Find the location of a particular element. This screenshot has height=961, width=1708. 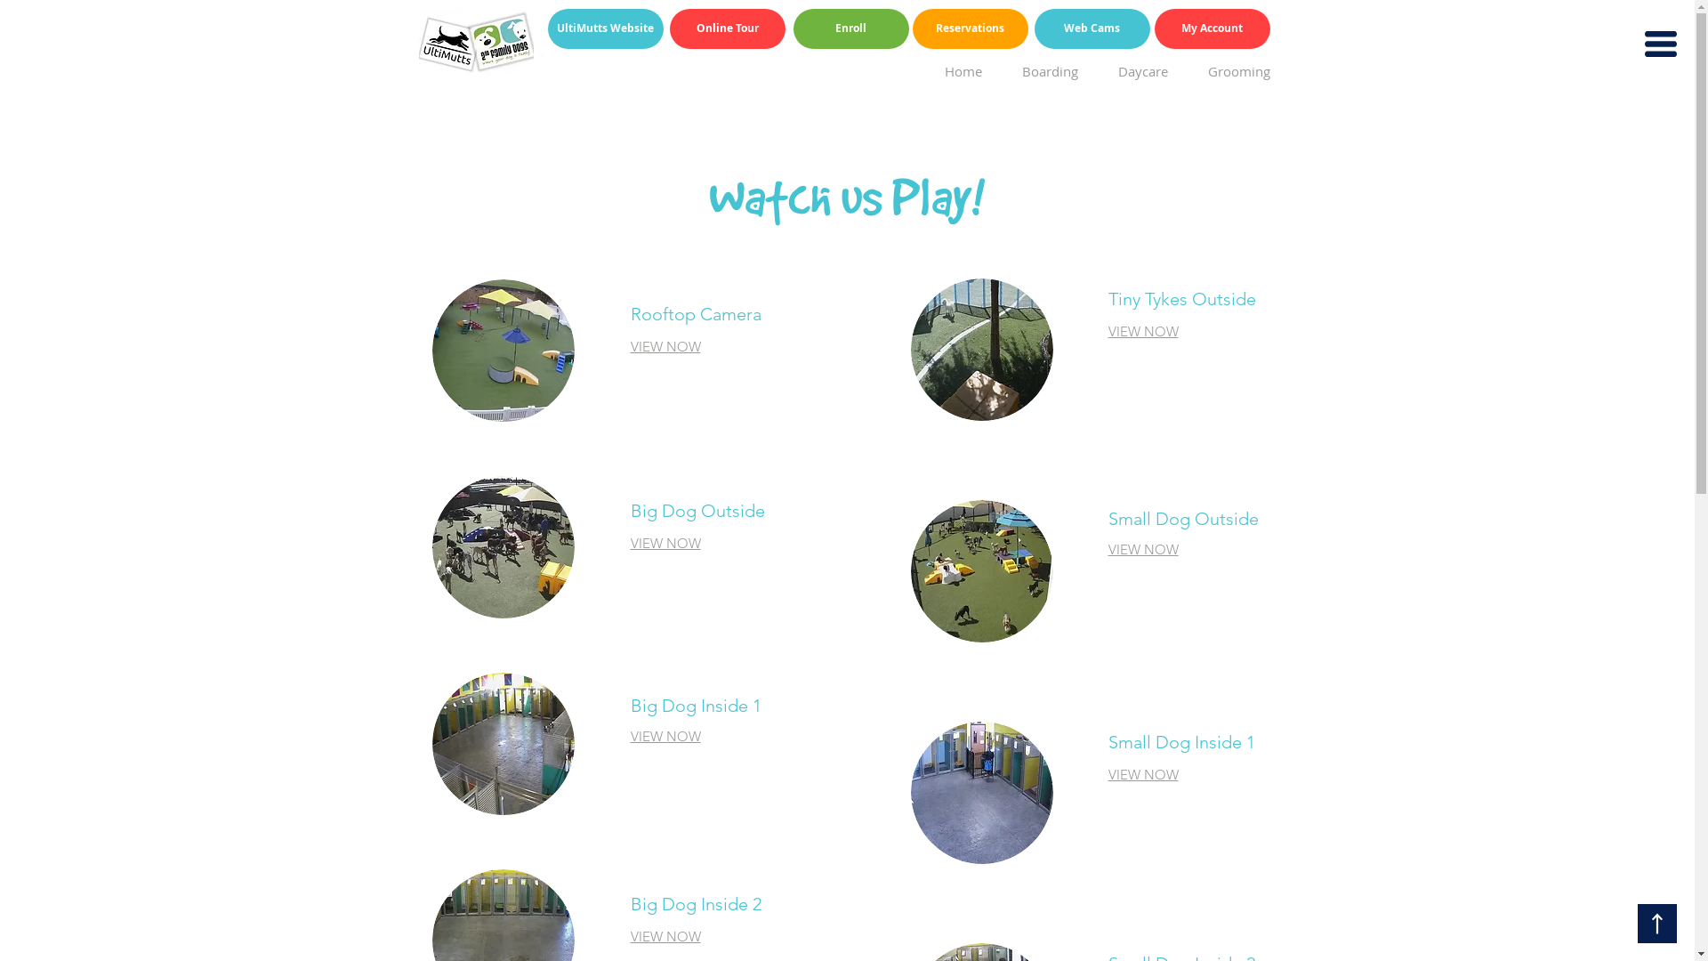

'VIEW NOW' is located at coordinates (664, 346).